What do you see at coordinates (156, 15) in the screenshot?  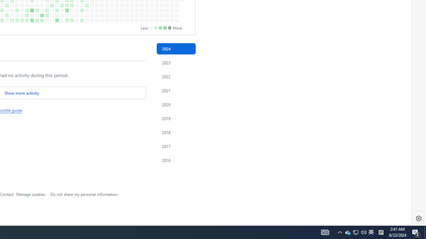 I see `'No contributions on November 29th.'` at bounding box center [156, 15].